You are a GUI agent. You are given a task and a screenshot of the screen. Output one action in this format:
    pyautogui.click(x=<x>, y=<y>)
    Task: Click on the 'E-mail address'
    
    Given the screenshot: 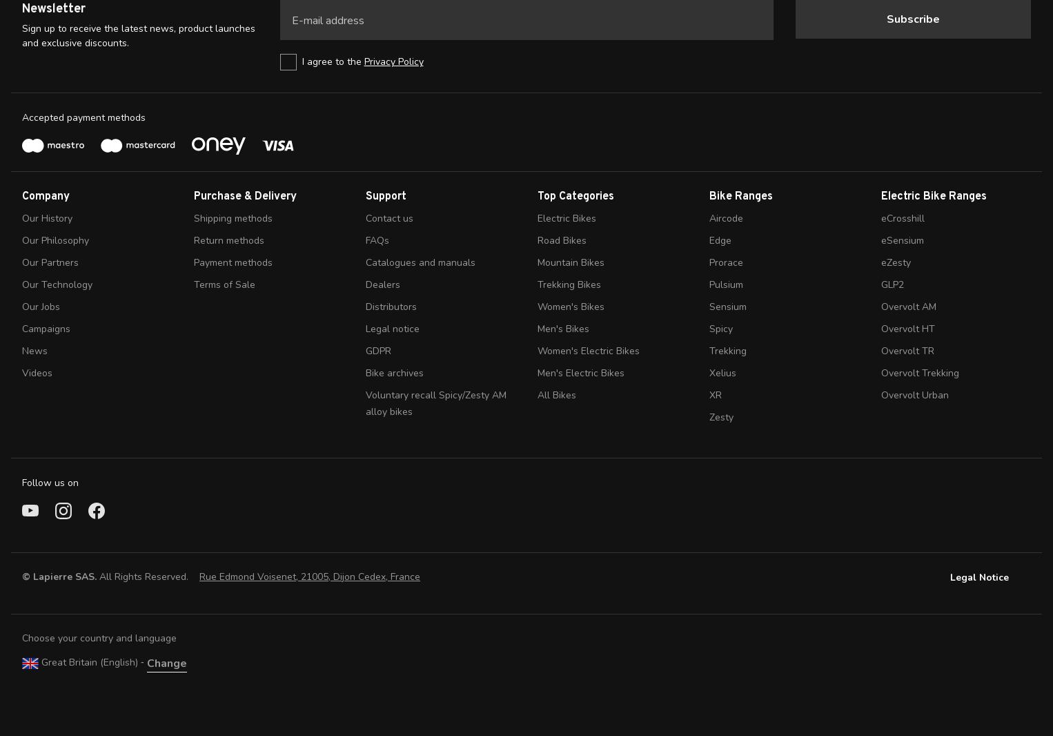 What is the action you would take?
    pyautogui.click(x=326, y=19)
    